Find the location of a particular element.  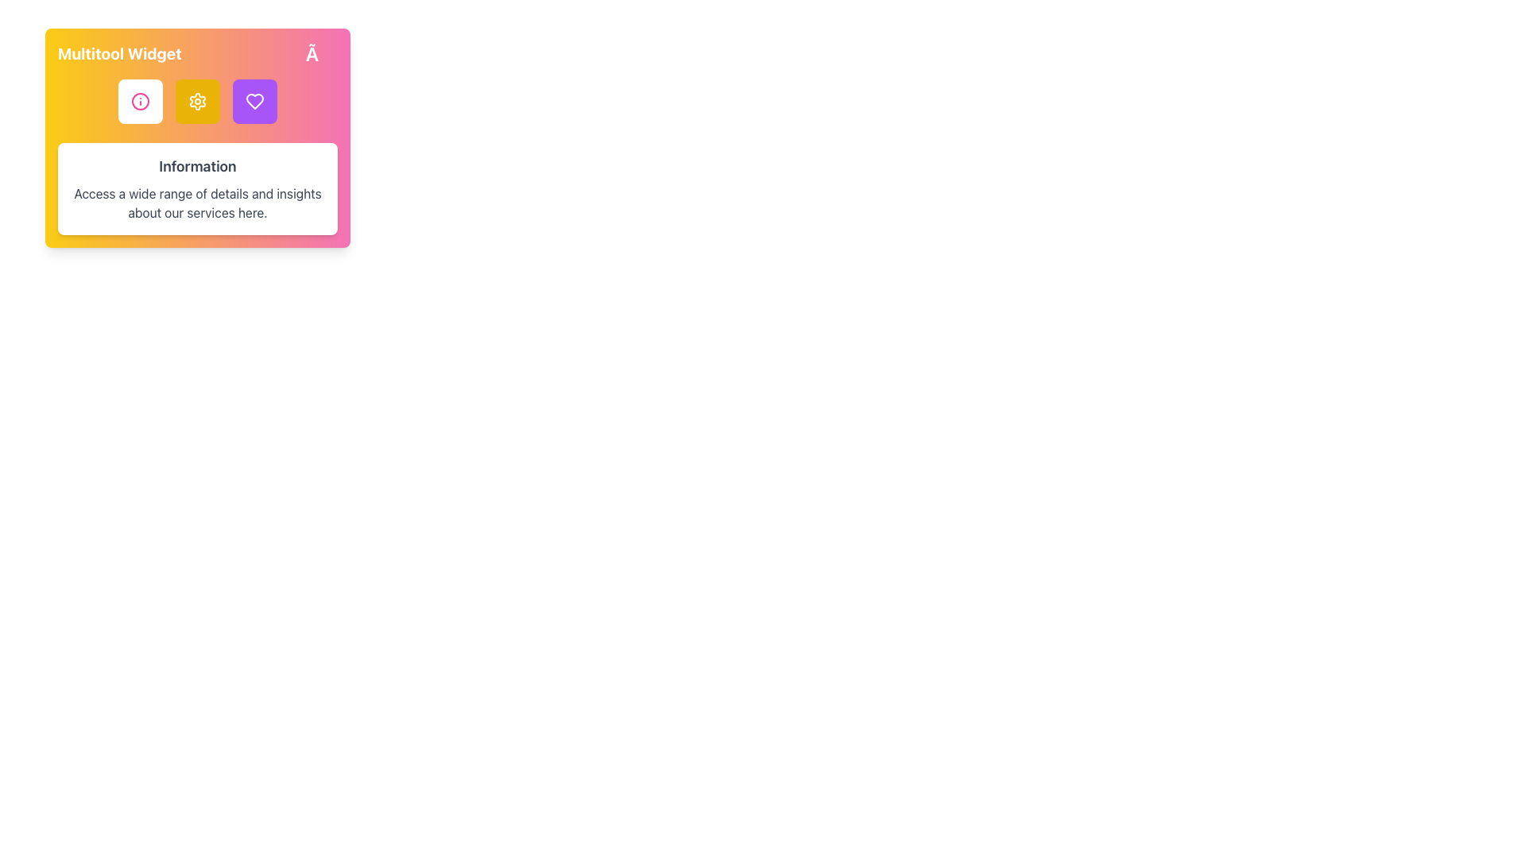

the yellow settings button with a gear icon is located at coordinates (197, 101).